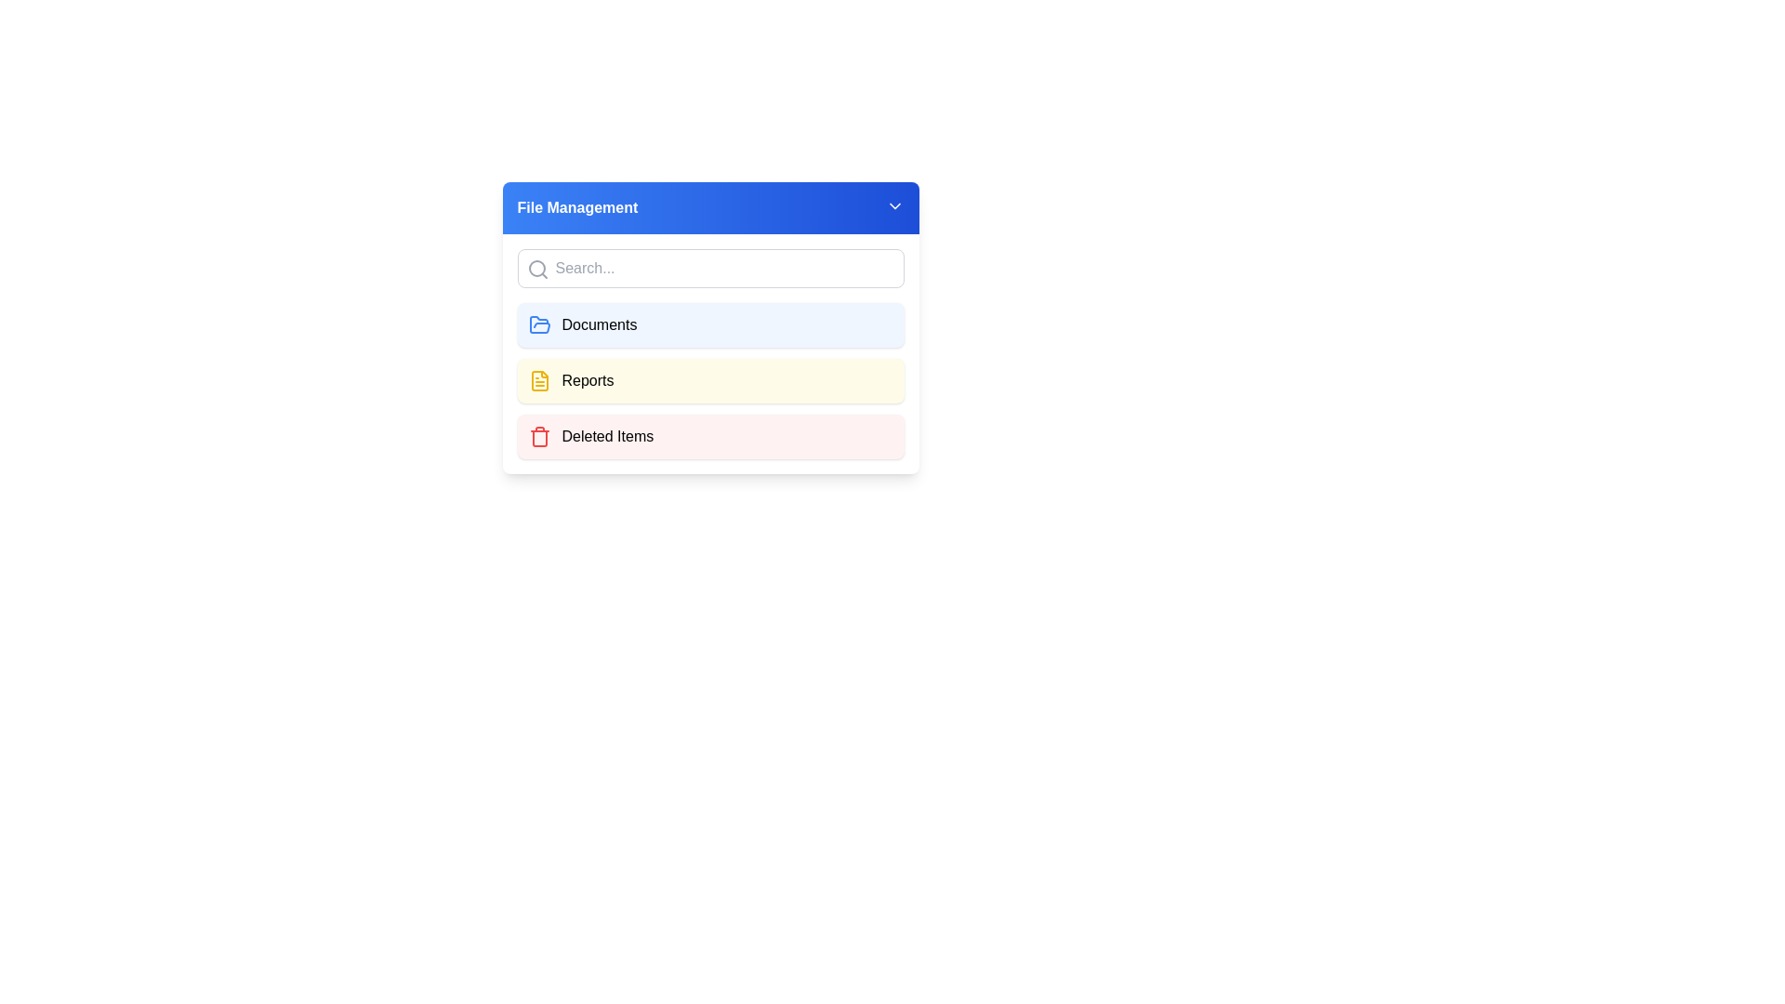 Image resolution: width=1785 pixels, height=1004 pixels. I want to click on the second interactive list item under 'File Management' titled 'Reports', so click(709, 379).